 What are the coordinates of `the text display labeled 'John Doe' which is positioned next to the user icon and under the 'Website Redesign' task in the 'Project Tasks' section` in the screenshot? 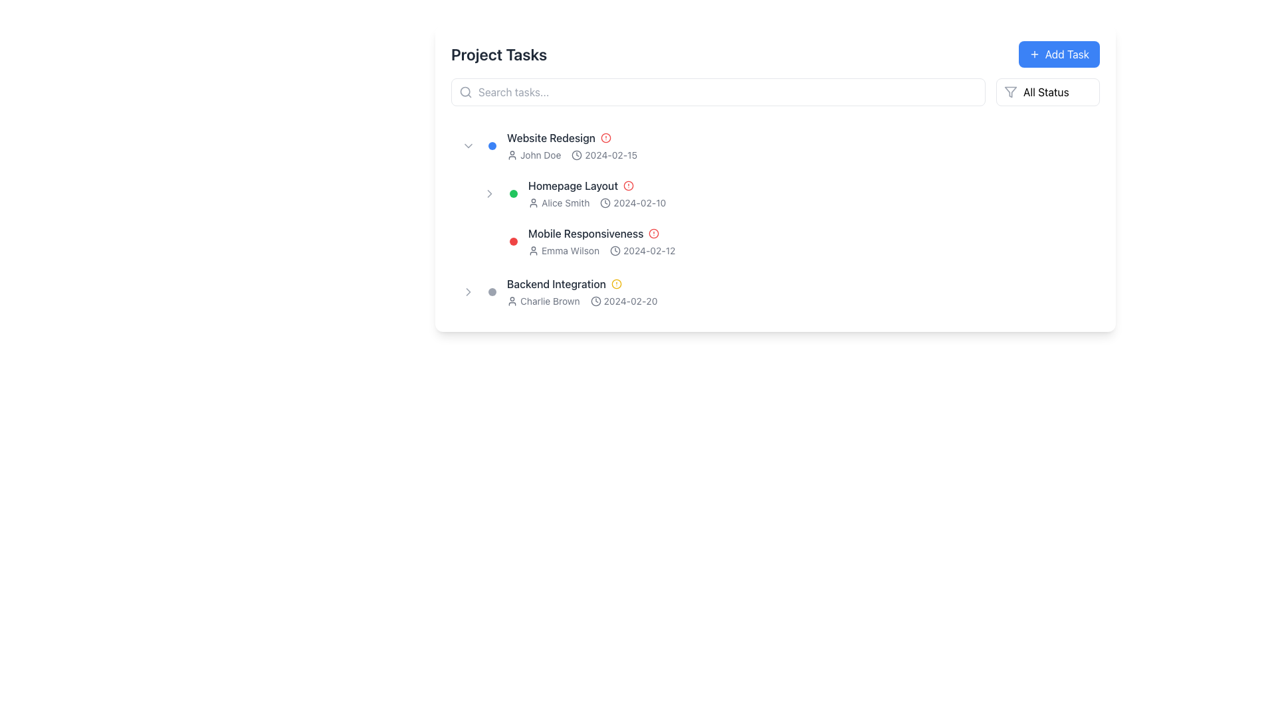 It's located at (540, 155).